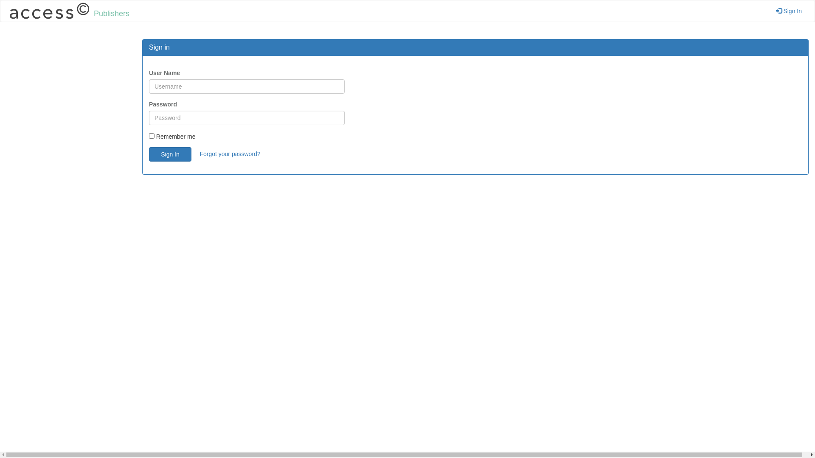 The image size is (815, 458). I want to click on 'Forgot your password?', so click(199, 154).